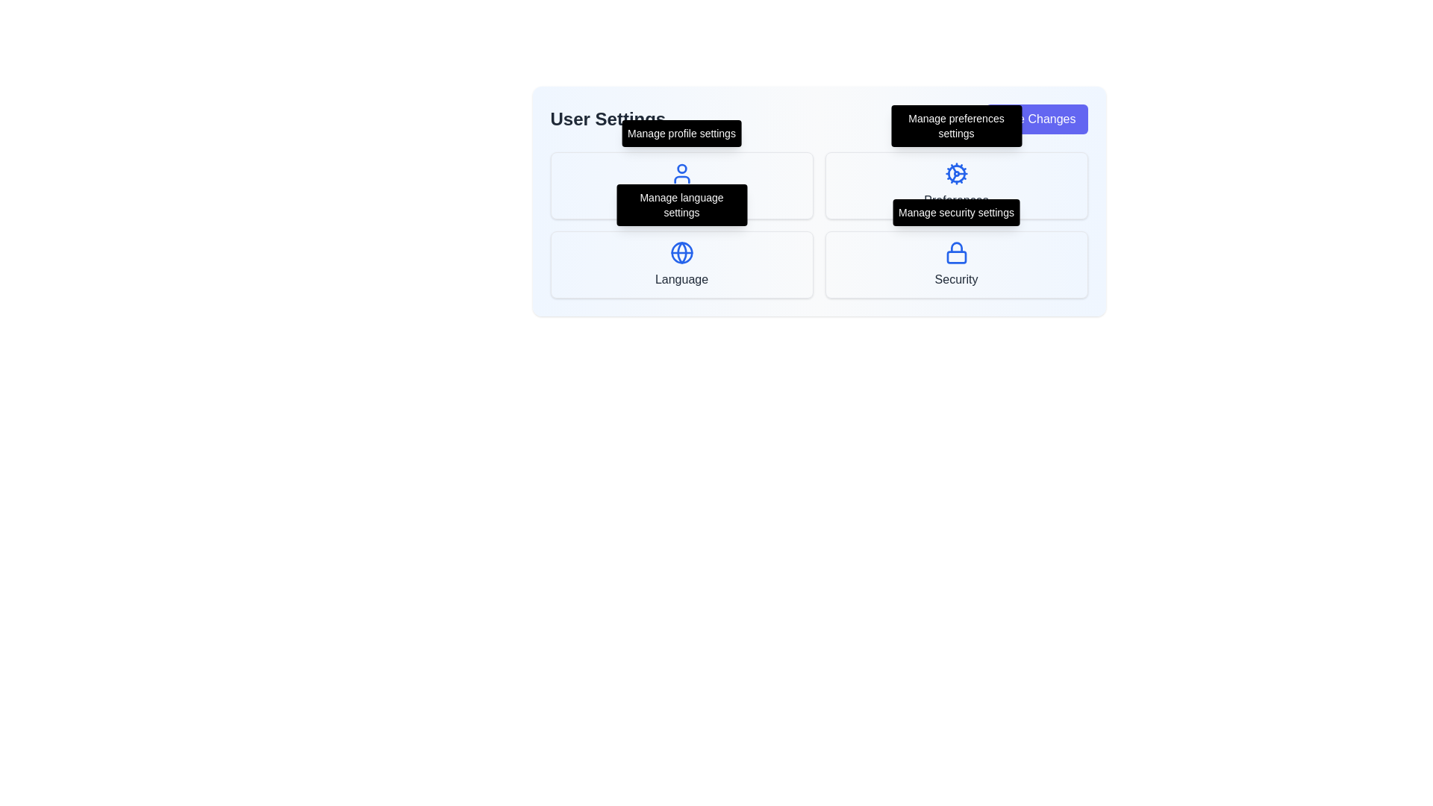  Describe the element at coordinates (956, 256) in the screenshot. I see `the rectangular shape at the bottom of the lock icon in the Security section of the User Settings interface` at that location.